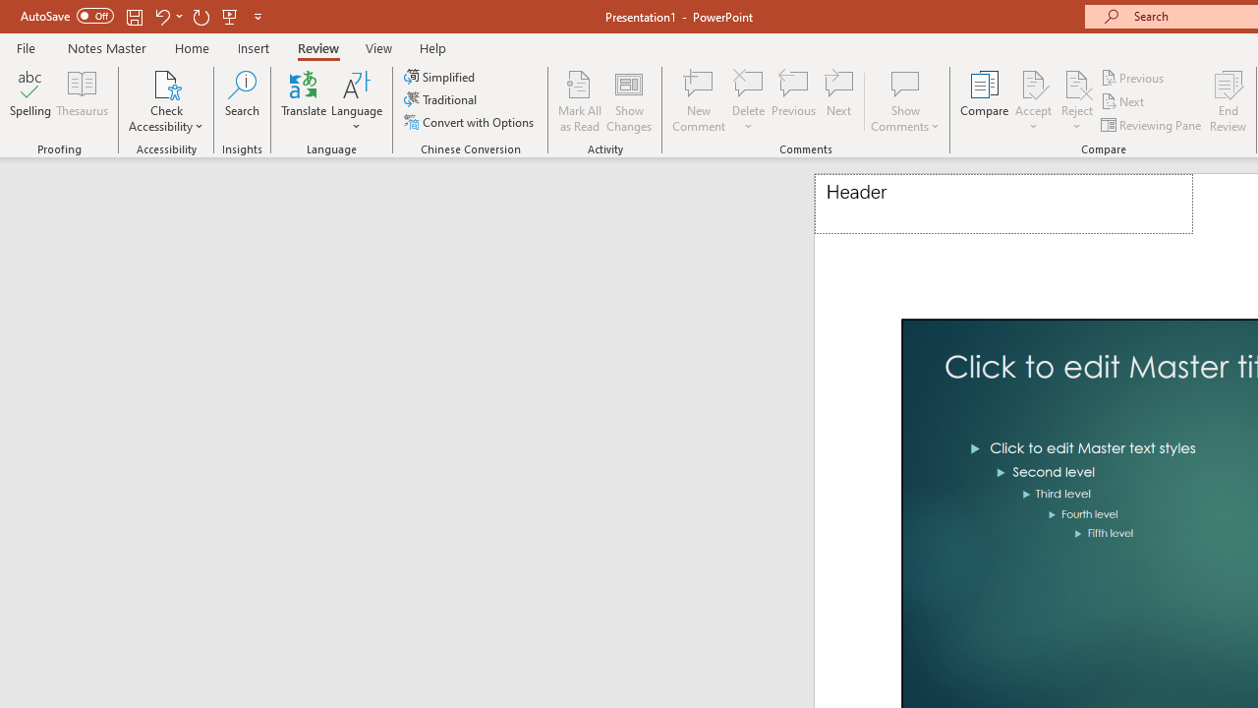 The image size is (1258, 708). I want to click on 'Thesaurus...', so click(81, 101).